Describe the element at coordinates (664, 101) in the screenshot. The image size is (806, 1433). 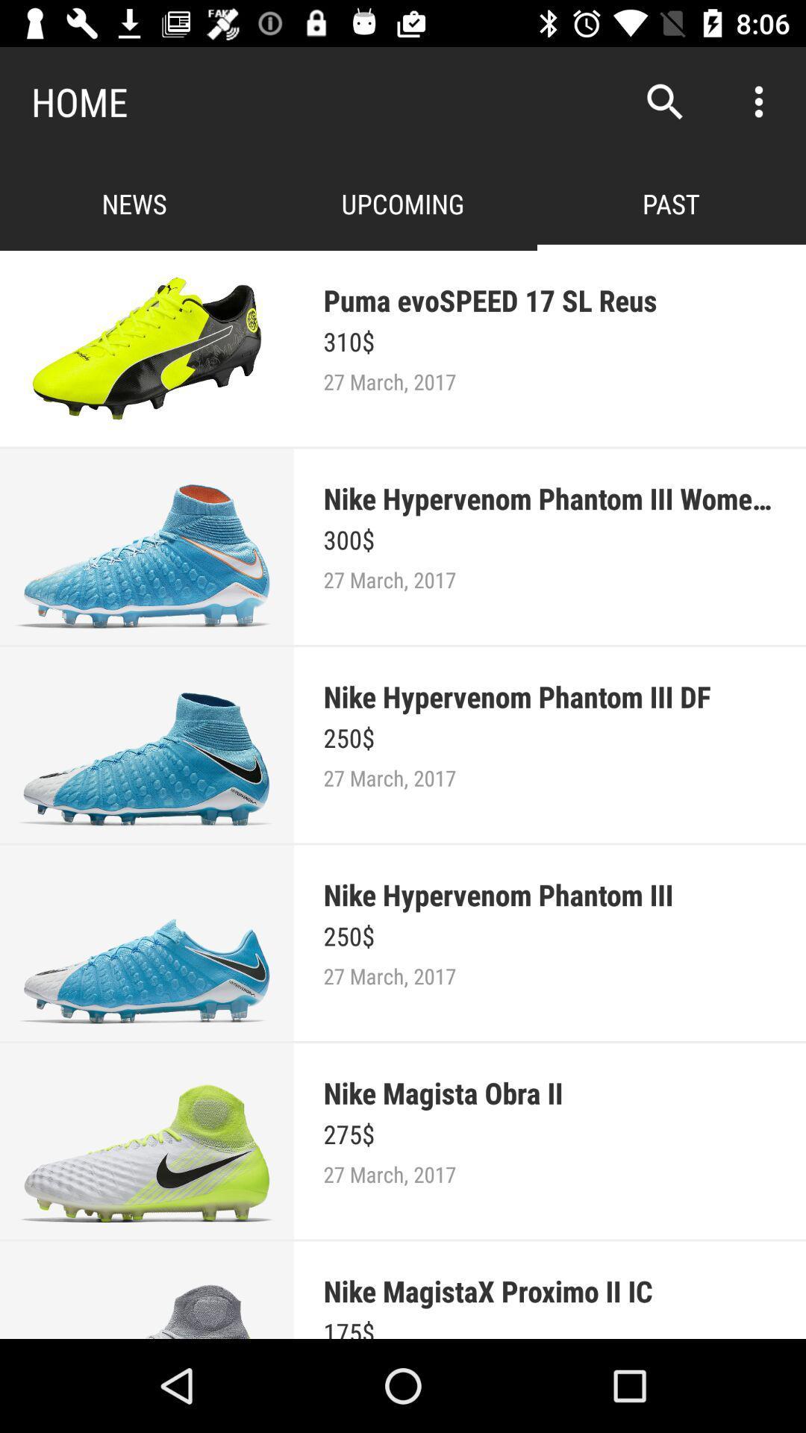
I see `the icon above the past item` at that location.